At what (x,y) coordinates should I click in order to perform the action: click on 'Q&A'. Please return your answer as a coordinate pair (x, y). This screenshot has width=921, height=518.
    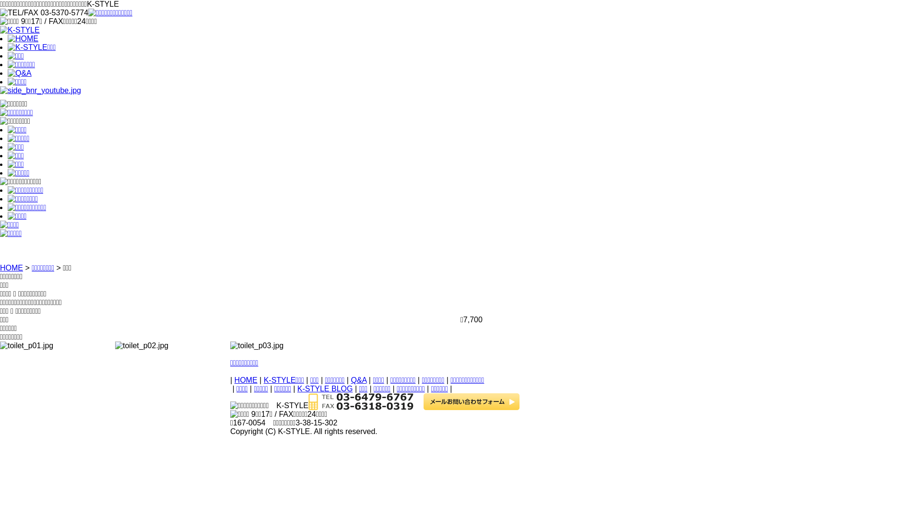
    Looking at the image, I should click on (358, 379).